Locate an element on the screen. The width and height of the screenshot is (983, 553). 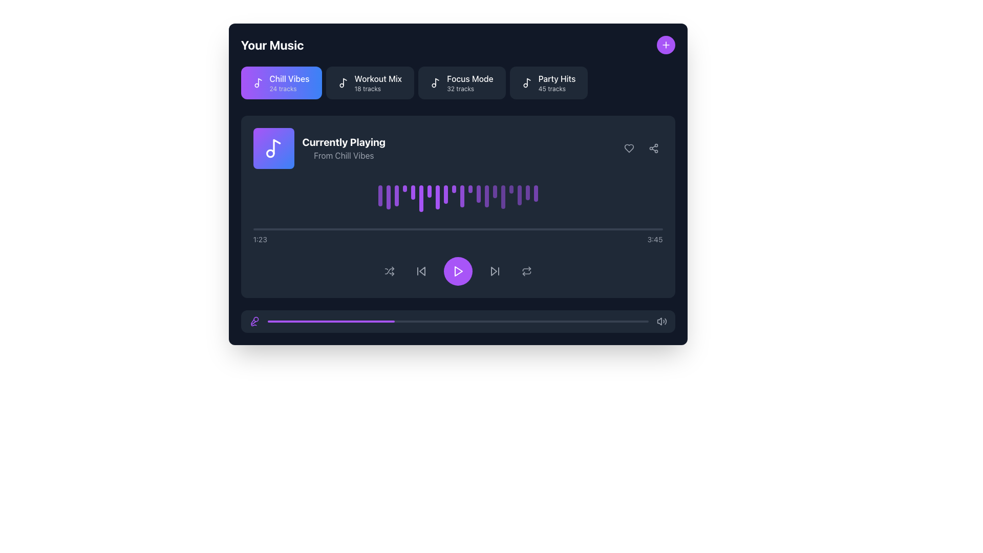
the square button with a gradient background that displays a white musical note icon, located to the left of the 'Currently Playing' text in the 'Currently Playing' section is located at coordinates (273, 148).